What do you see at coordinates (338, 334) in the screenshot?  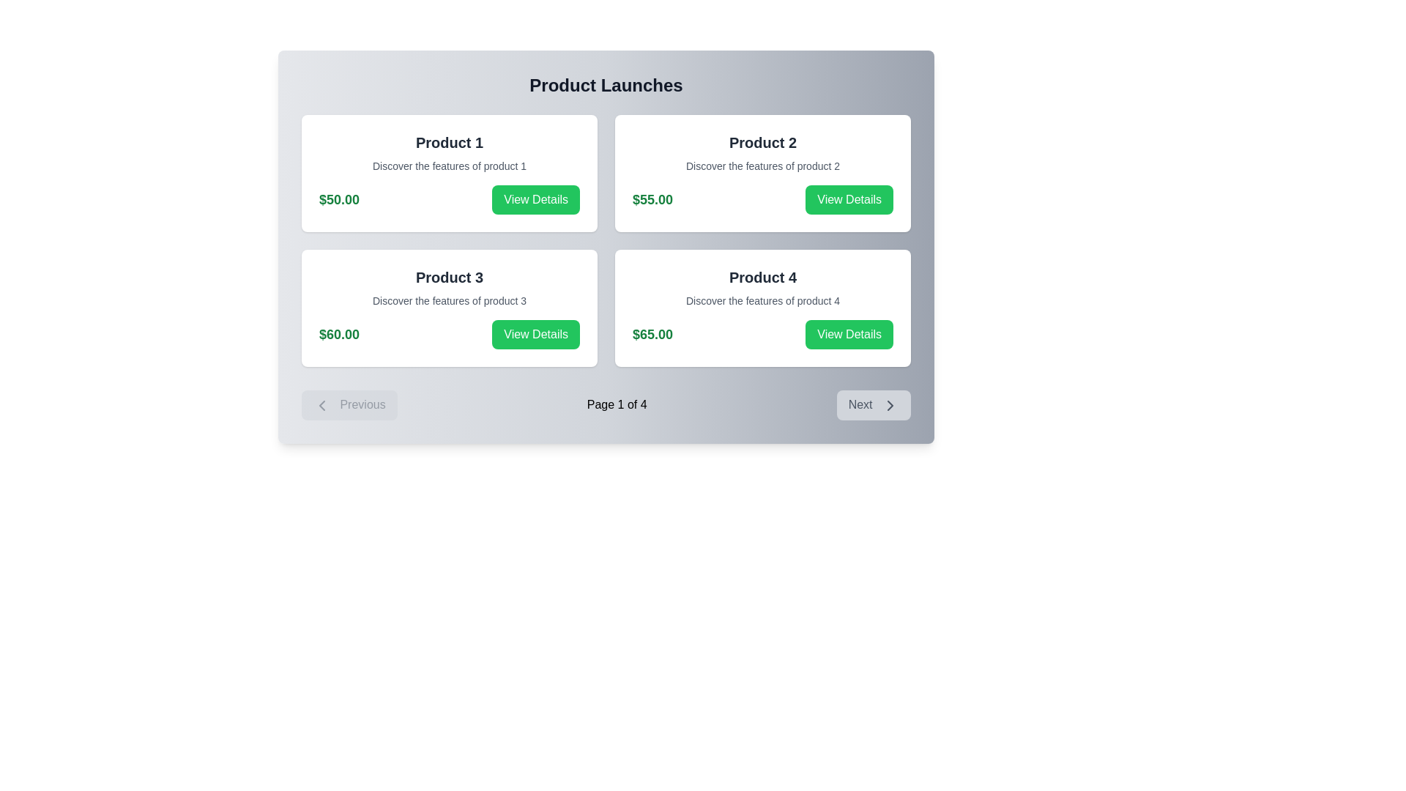 I see `the static text displaying the price '$60.00' located in the 'Product 3' card description area, above the 'View Details' button` at bounding box center [338, 334].